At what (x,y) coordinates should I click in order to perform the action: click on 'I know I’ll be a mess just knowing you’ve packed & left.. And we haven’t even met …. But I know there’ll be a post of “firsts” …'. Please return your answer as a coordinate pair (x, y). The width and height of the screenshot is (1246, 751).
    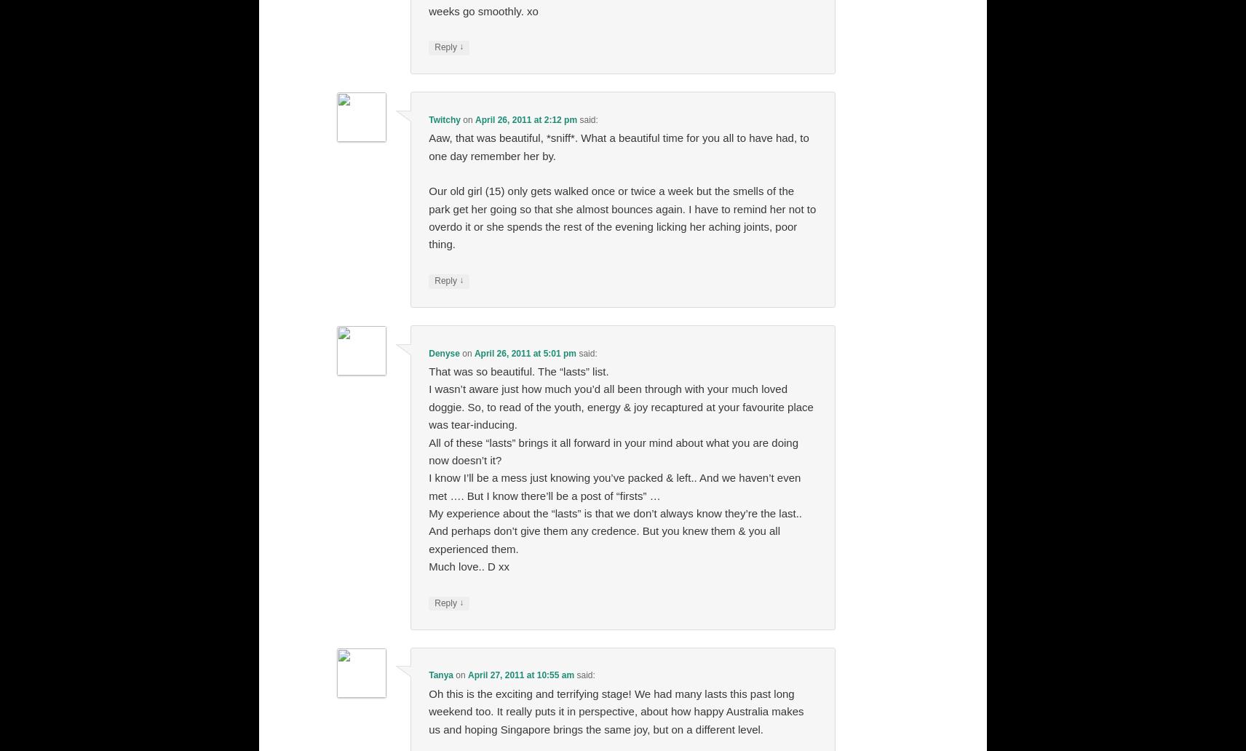
    Looking at the image, I should click on (427, 485).